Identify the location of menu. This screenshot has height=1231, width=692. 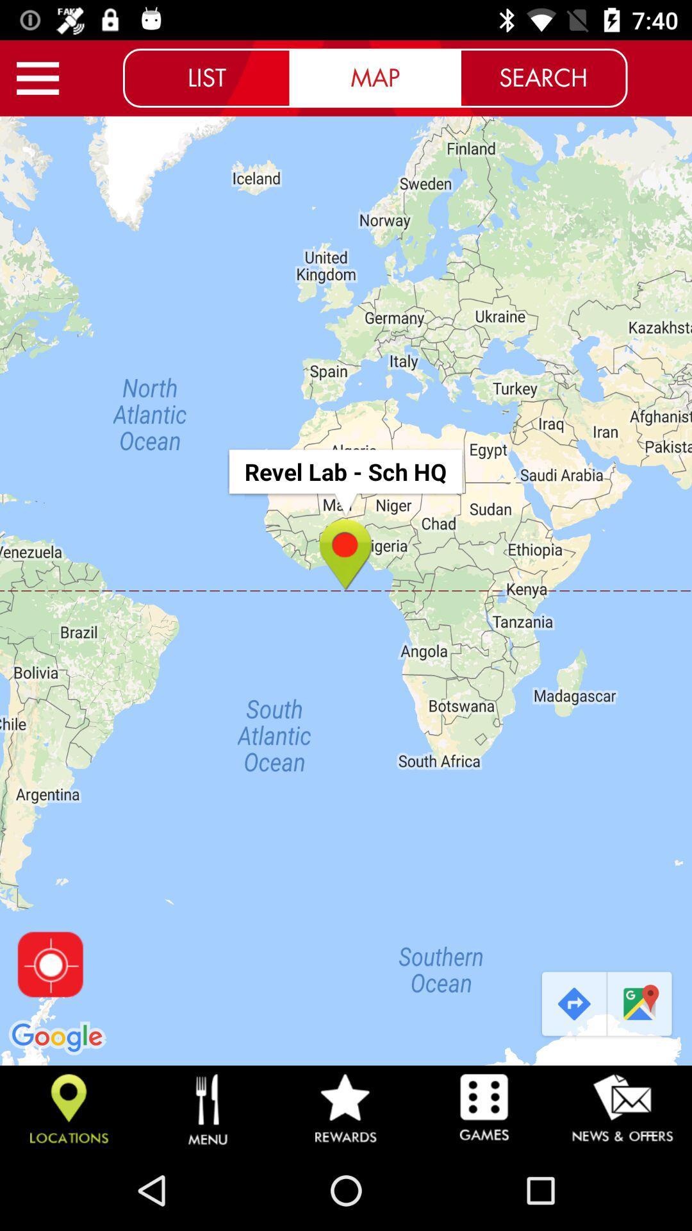
(37, 78).